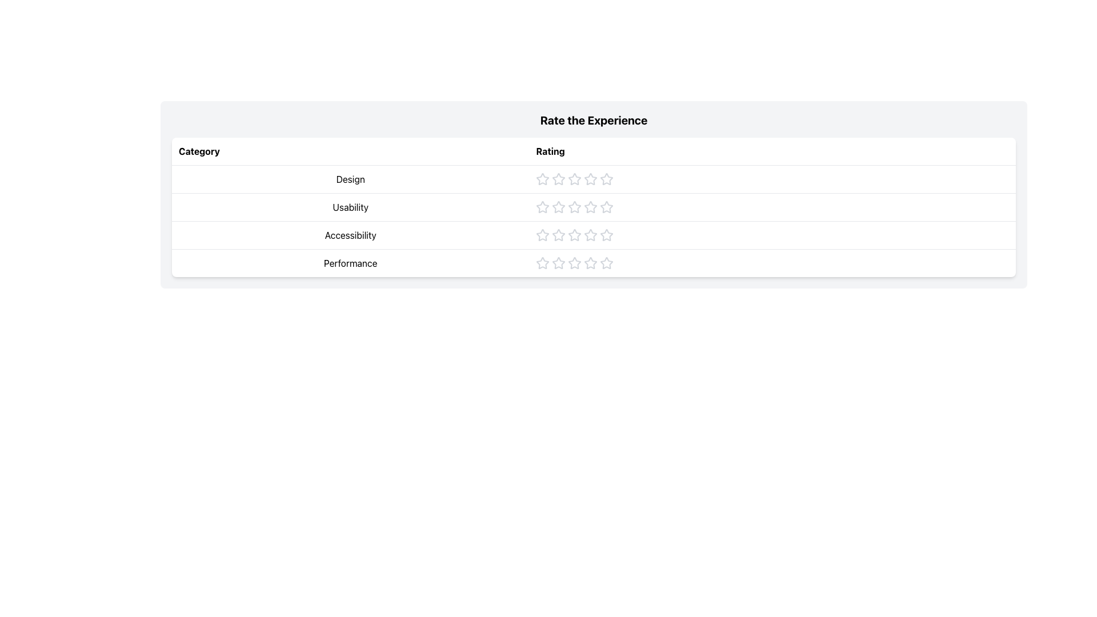 Image resolution: width=1097 pixels, height=617 pixels. I want to click on the third interactive silver star in the accessibility row of the rating table, so click(559, 234).